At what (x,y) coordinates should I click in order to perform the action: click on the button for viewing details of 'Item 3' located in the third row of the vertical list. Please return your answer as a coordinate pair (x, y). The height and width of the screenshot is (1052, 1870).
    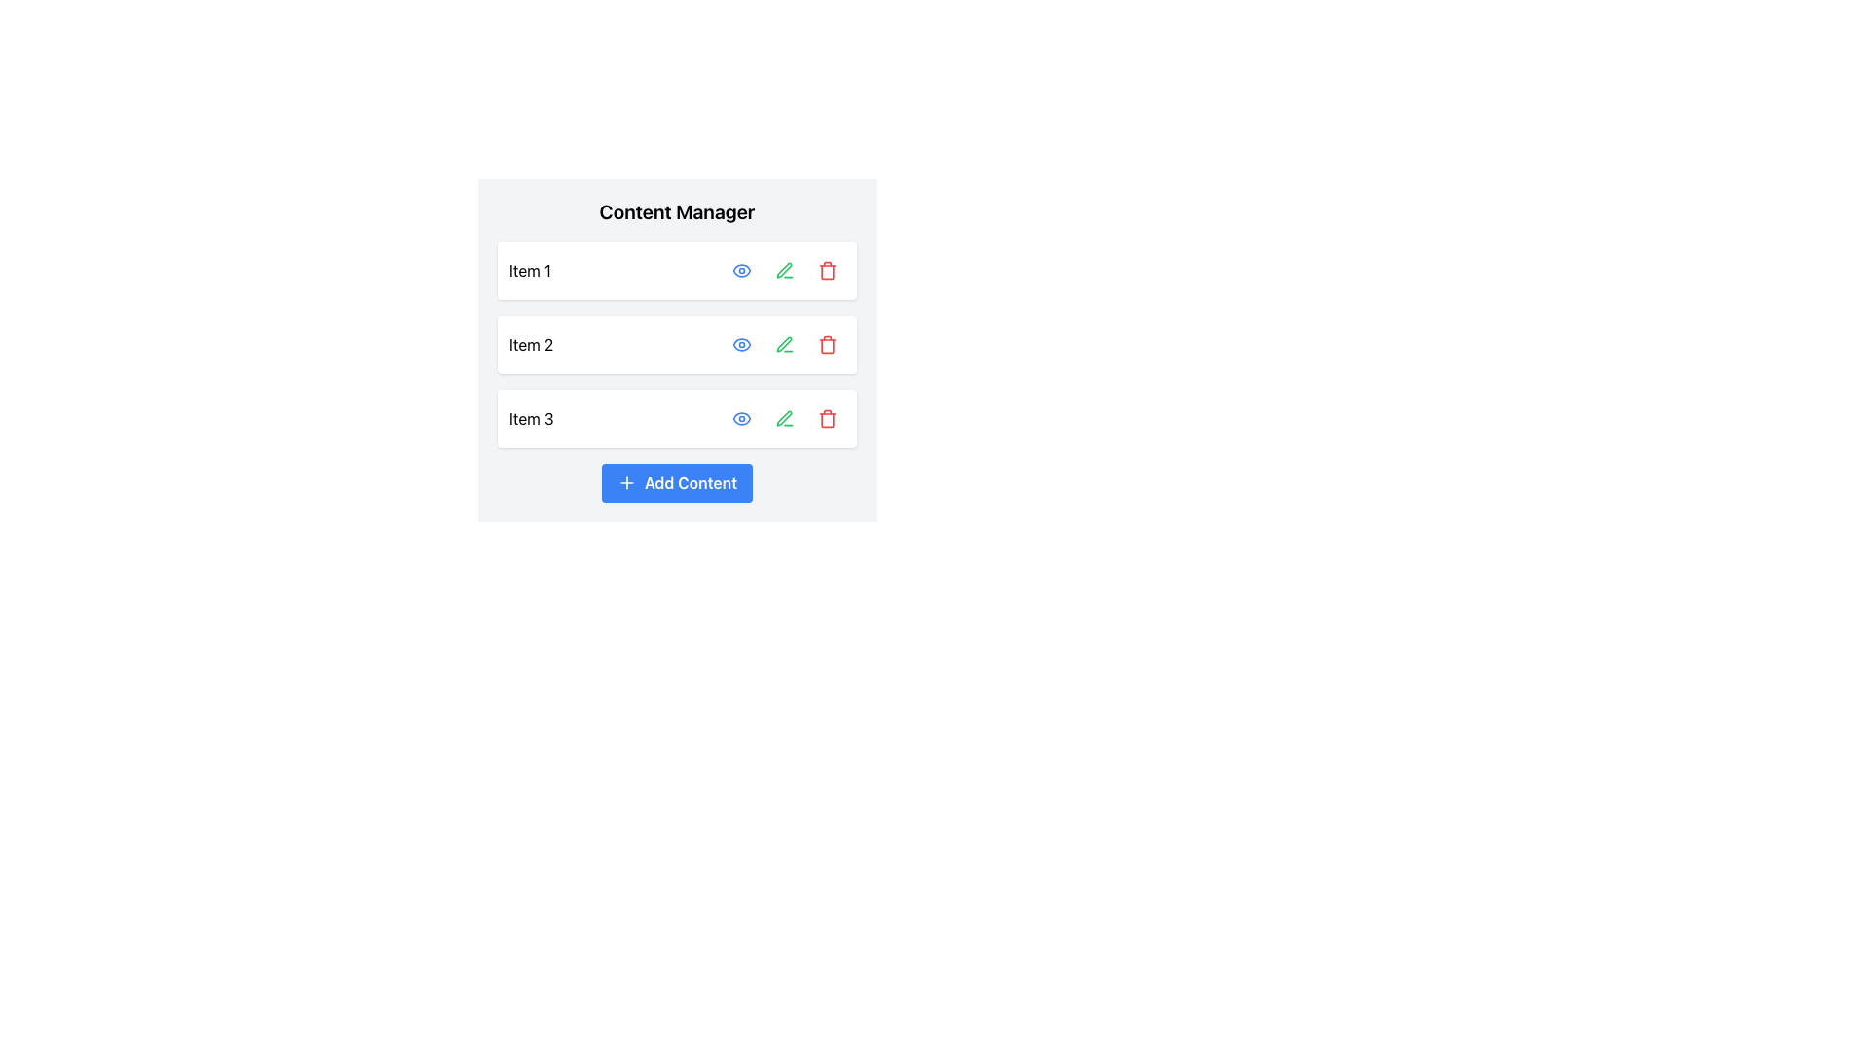
    Looking at the image, I should click on (741, 417).